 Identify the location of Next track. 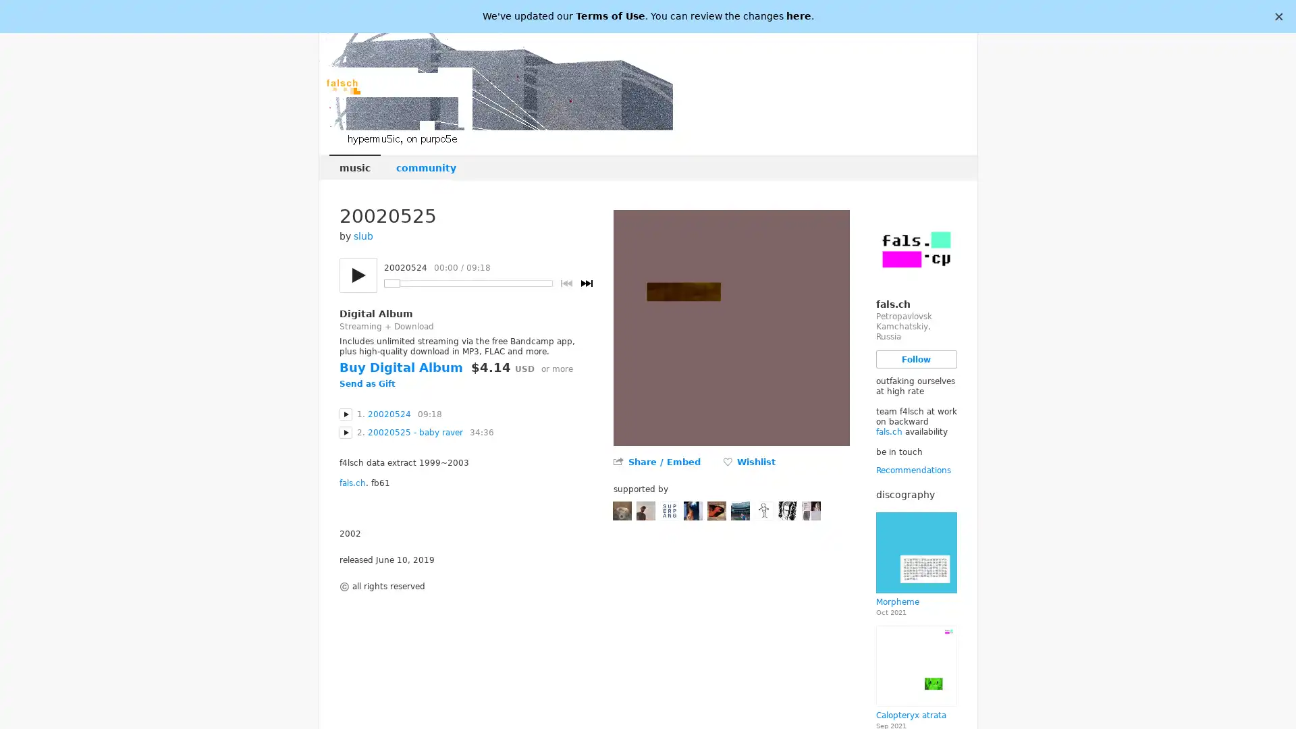
(586, 283).